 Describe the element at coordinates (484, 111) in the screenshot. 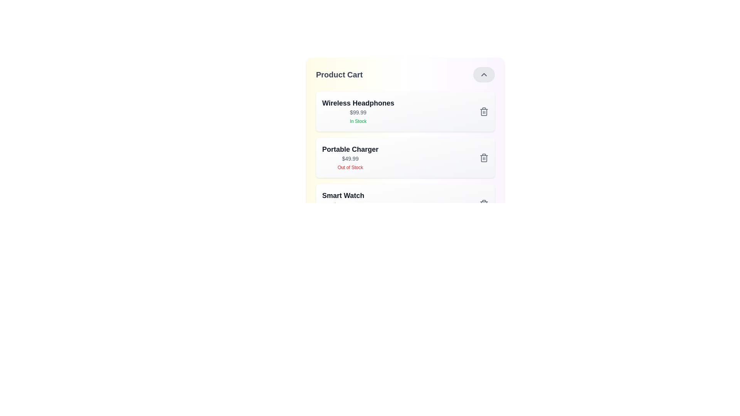

I see `trash icon for Wireless Headphones to remove it from the cart` at that location.